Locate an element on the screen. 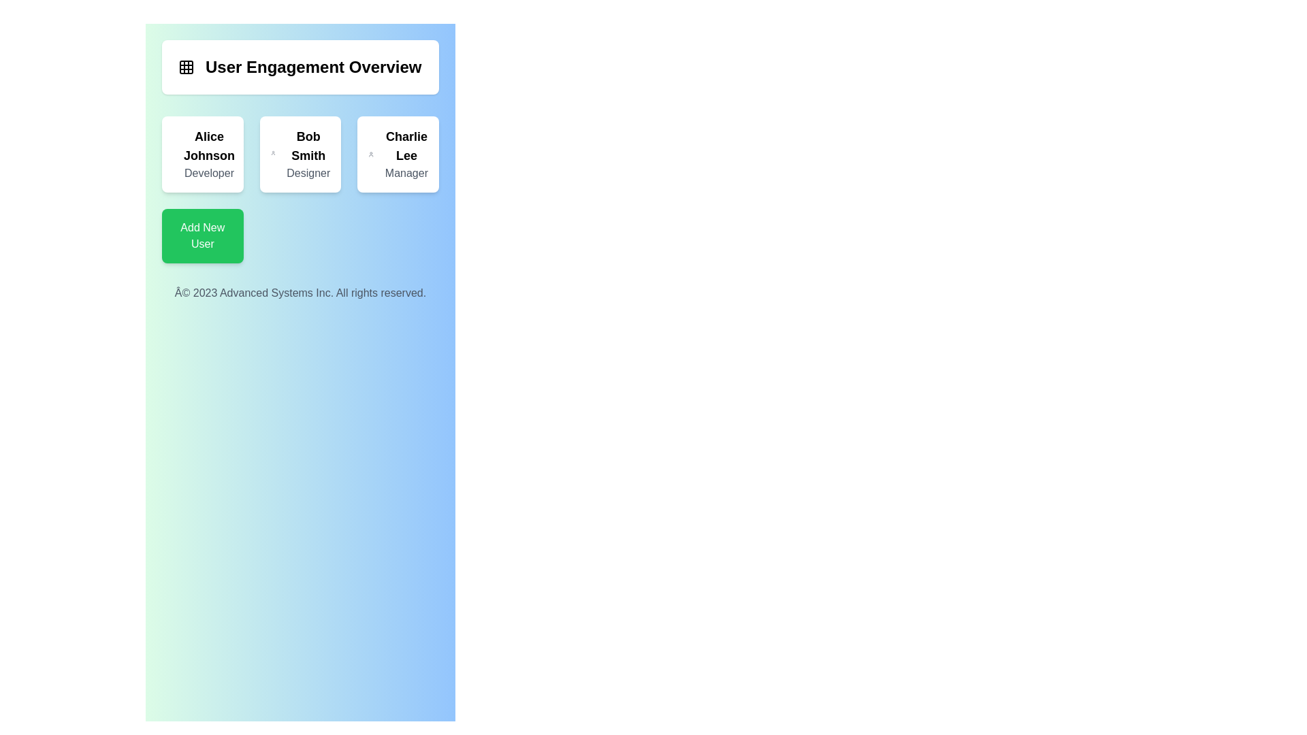 The height and width of the screenshot is (735, 1307). the Header Section that serves as a title for the section, positioned at the top of the layout above the profile cards and 'Add New User' button is located at coordinates (300, 67).